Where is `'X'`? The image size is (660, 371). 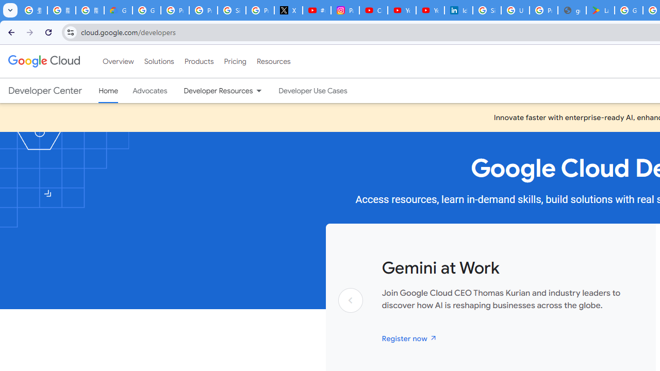
'X' is located at coordinates (289, 10).